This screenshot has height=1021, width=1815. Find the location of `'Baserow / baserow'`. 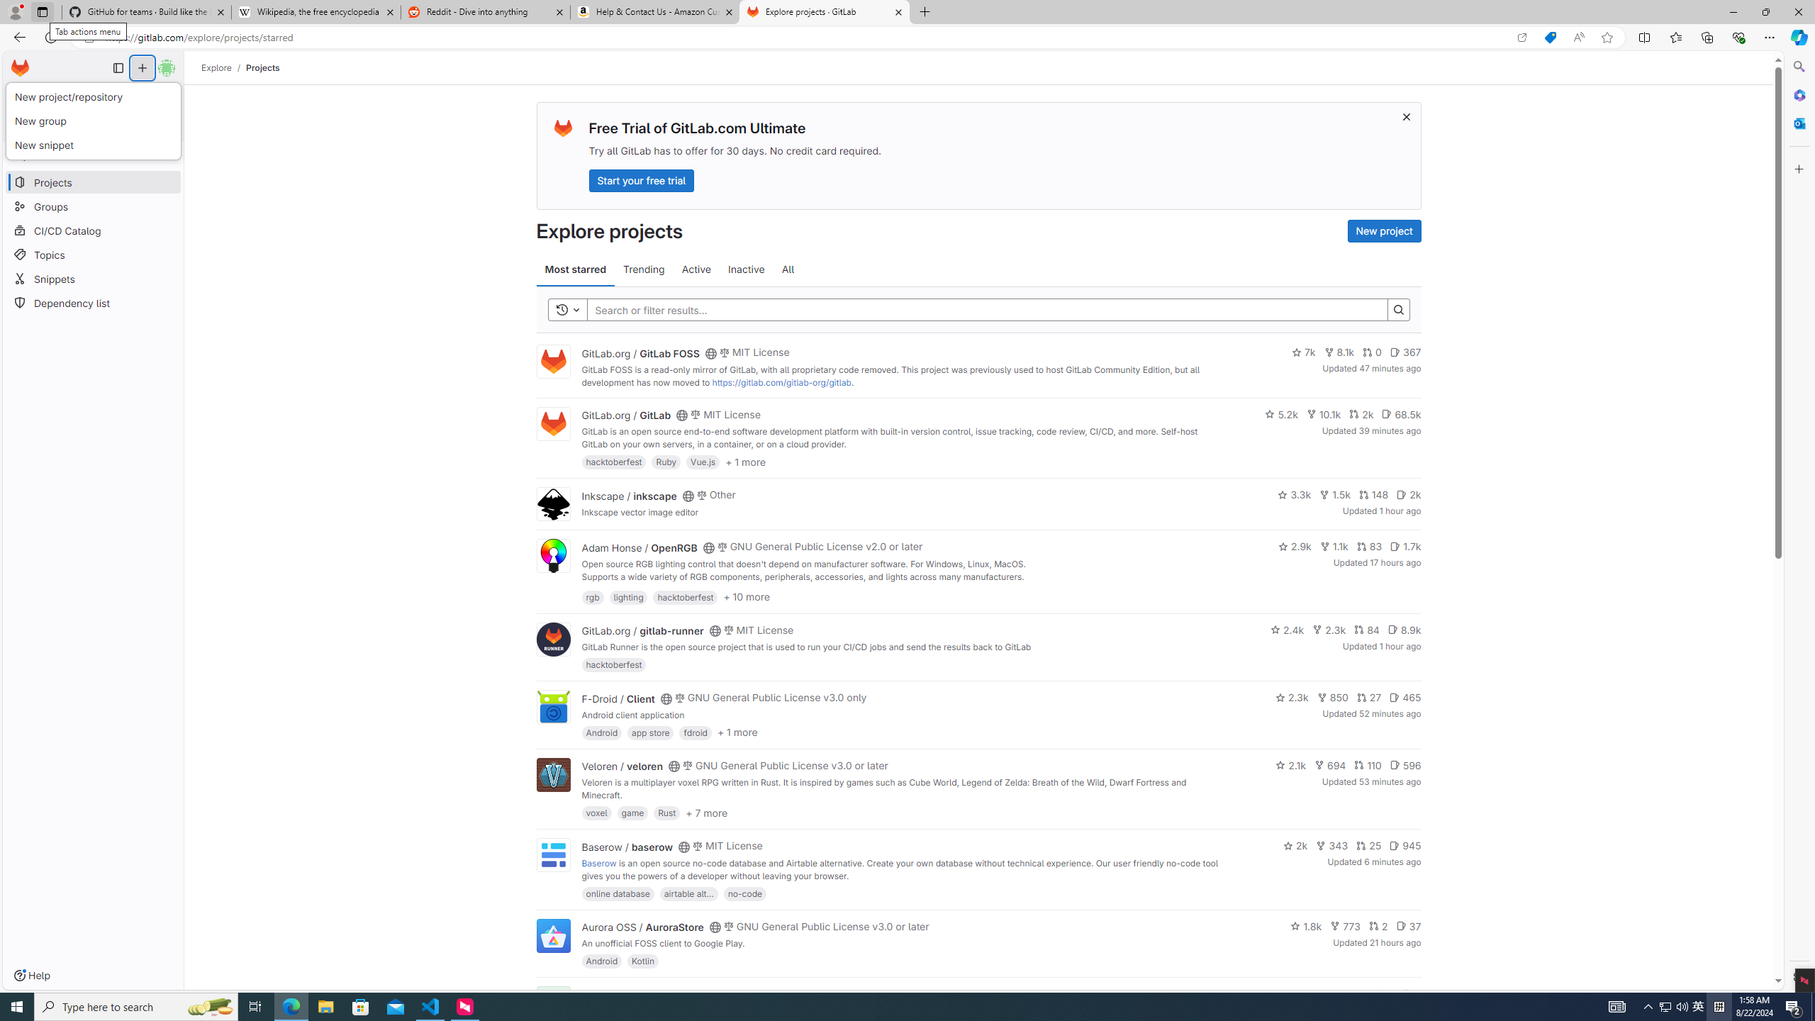

'Baserow / baserow' is located at coordinates (627, 845).